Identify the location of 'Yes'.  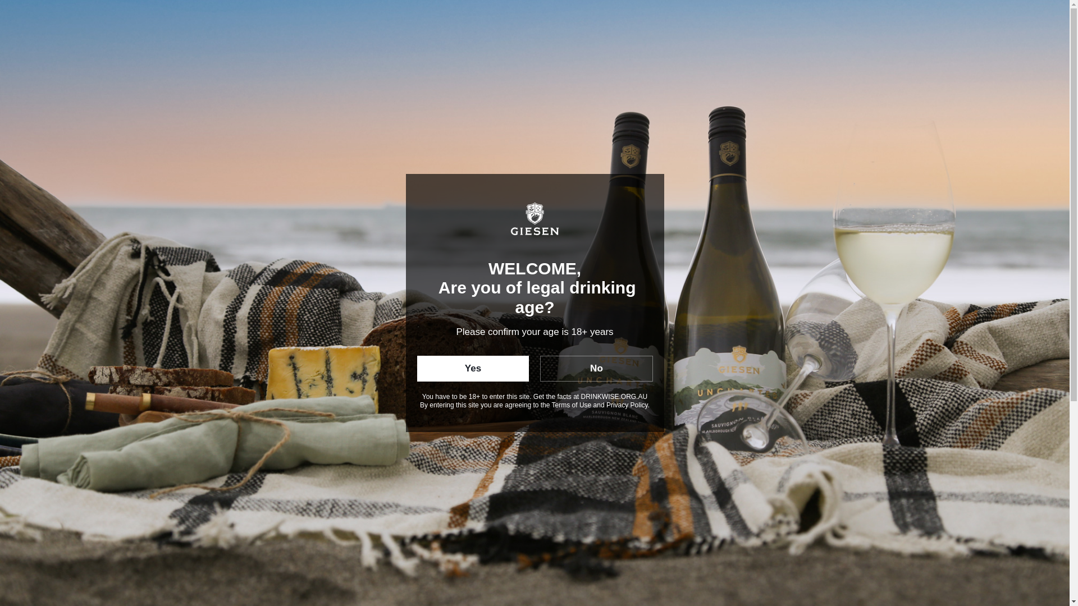
(472, 368).